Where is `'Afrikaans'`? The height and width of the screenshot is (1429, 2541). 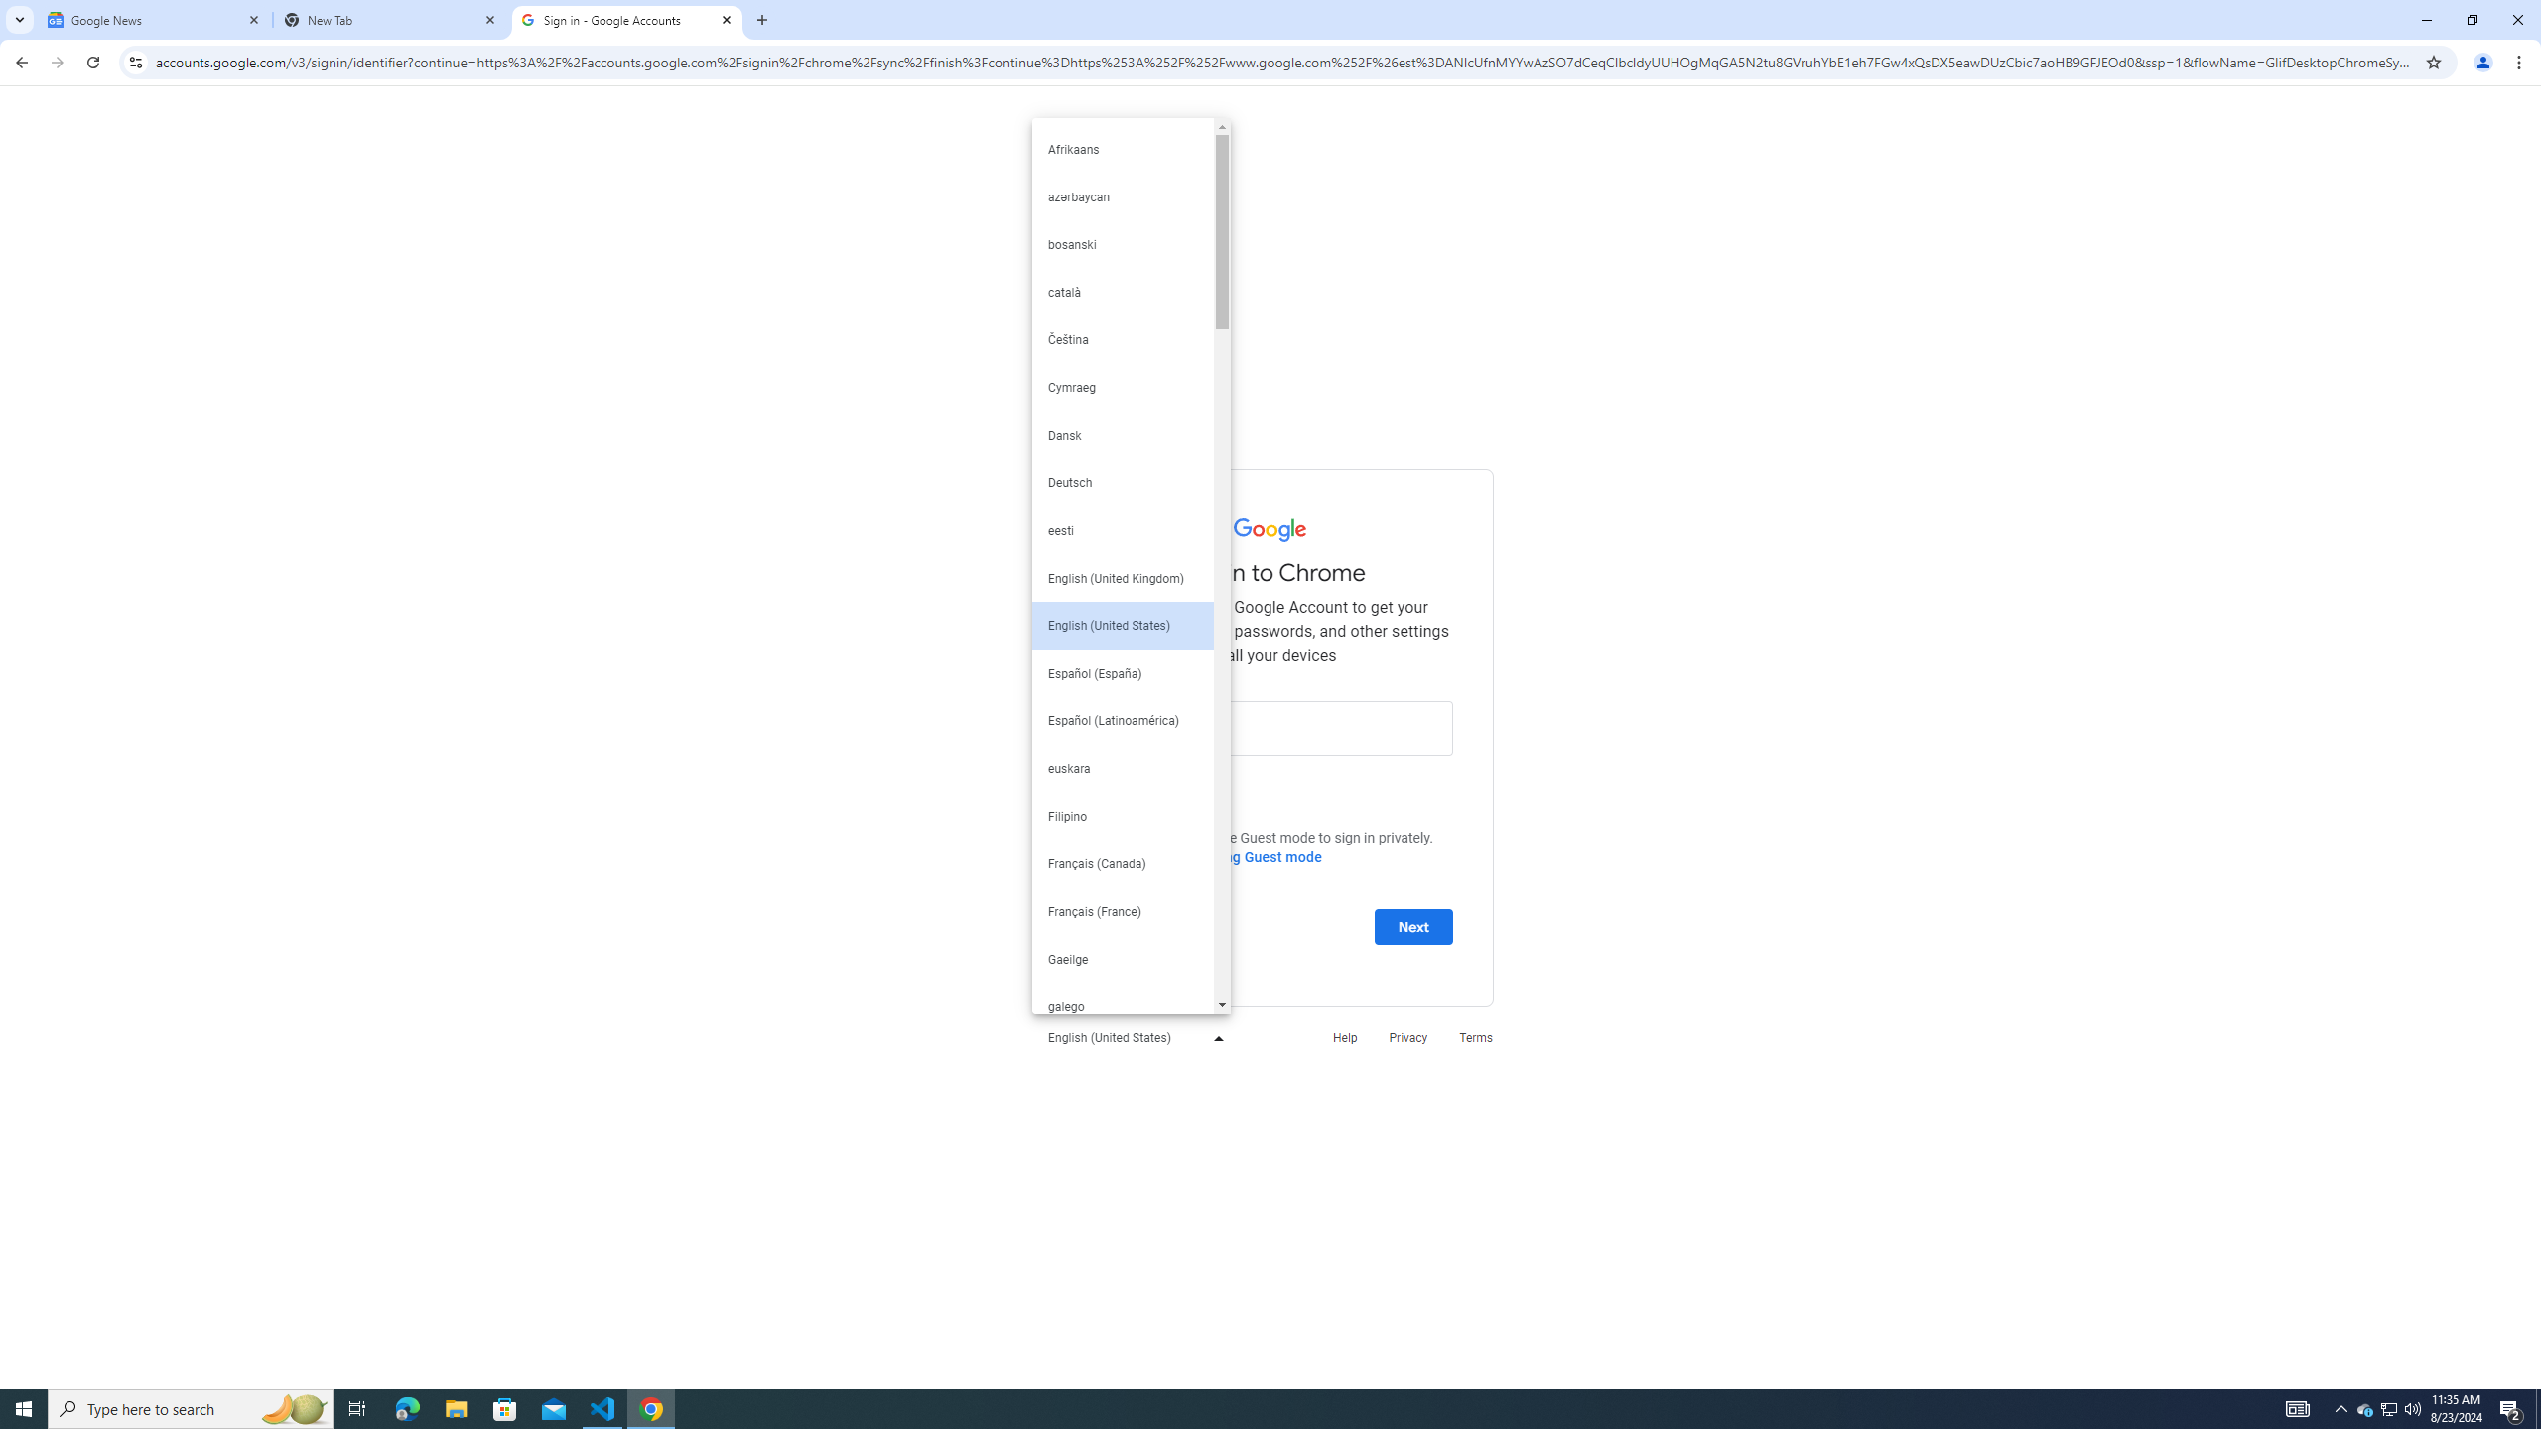 'Afrikaans' is located at coordinates (1122, 149).